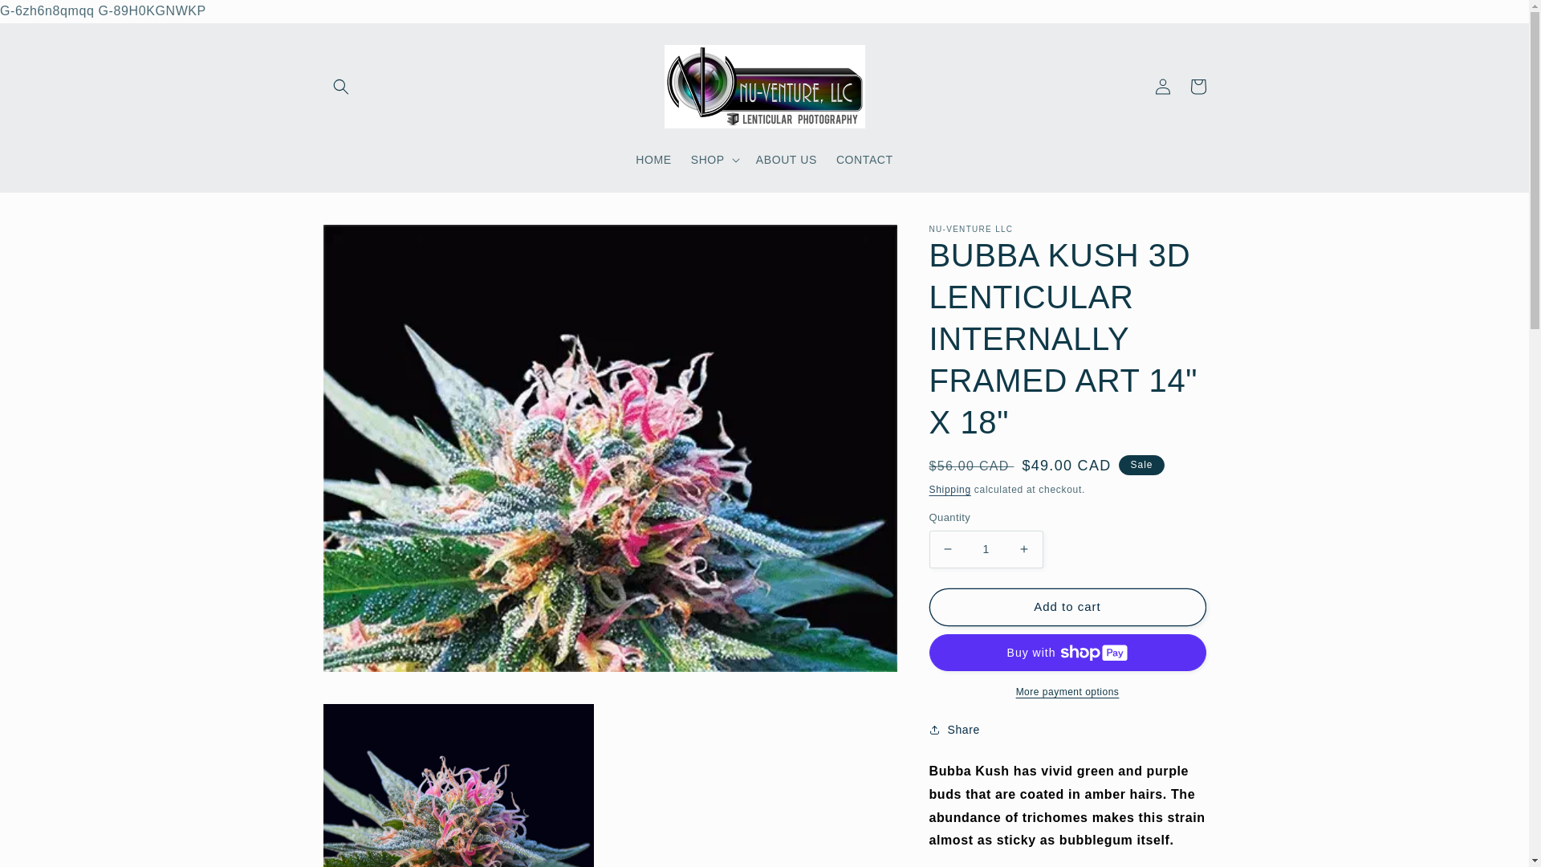  What do you see at coordinates (1067, 690) in the screenshot?
I see `'More payment options'` at bounding box center [1067, 690].